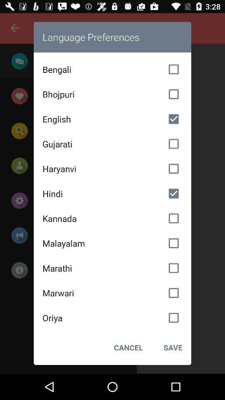 This screenshot has height=400, width=225. What do you see at coordinates (112, 168) in the screenshot?
I see `the haryanvi icon` at bounding box center [112, 168].